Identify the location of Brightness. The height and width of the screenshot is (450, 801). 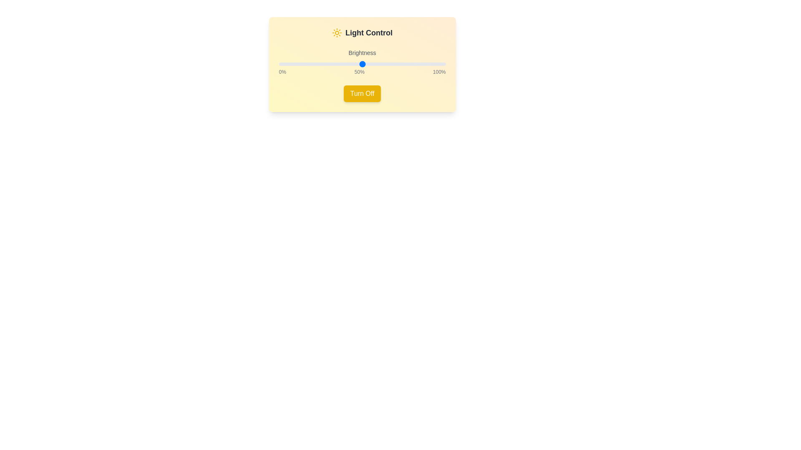
(344, 64).